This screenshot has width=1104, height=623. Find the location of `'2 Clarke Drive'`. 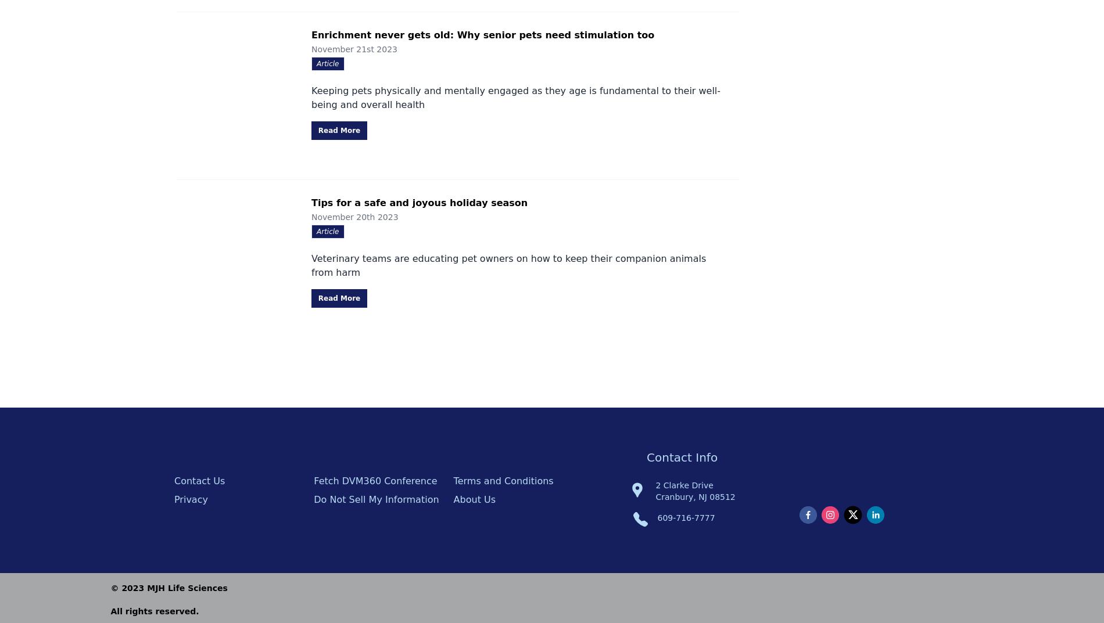

'2 Clarke Drive' is located at coordinates (655, 484).